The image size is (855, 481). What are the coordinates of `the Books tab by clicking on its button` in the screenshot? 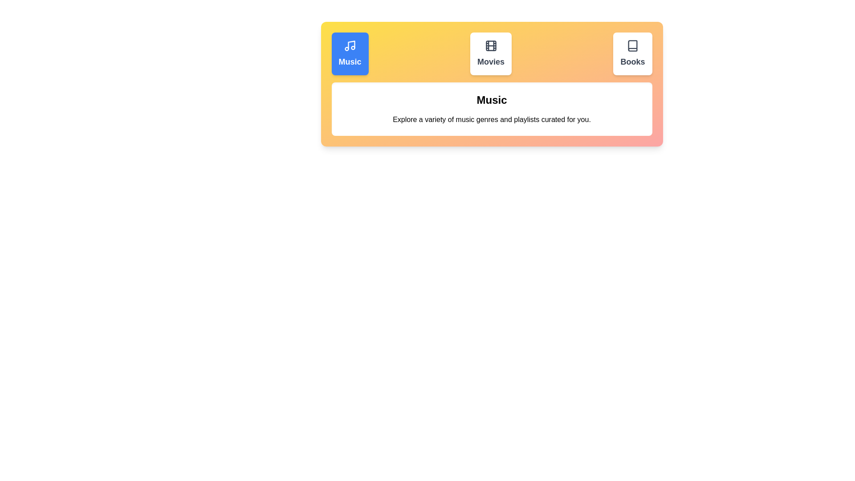 It's located at (632, 53).